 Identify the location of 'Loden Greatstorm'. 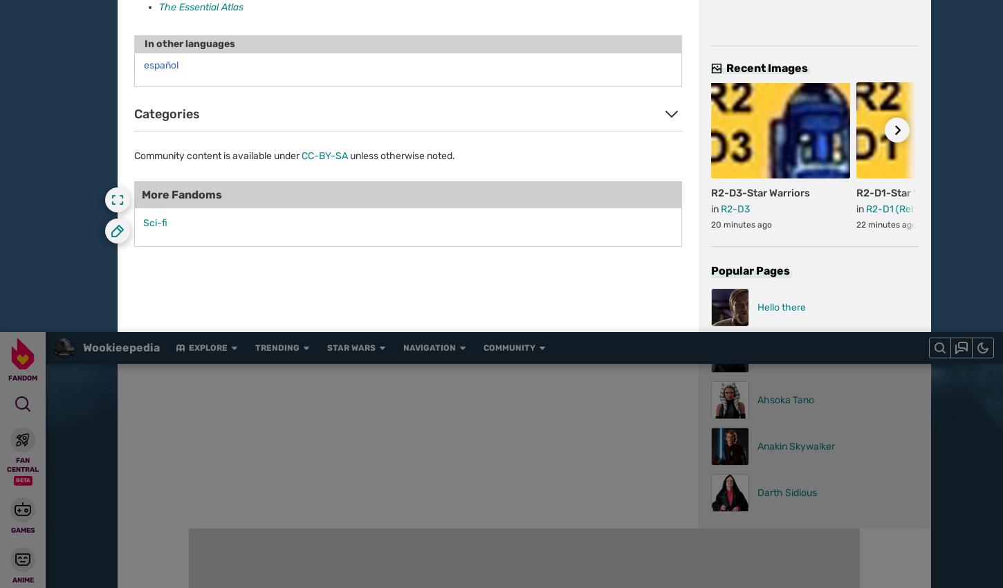
(674, 185).